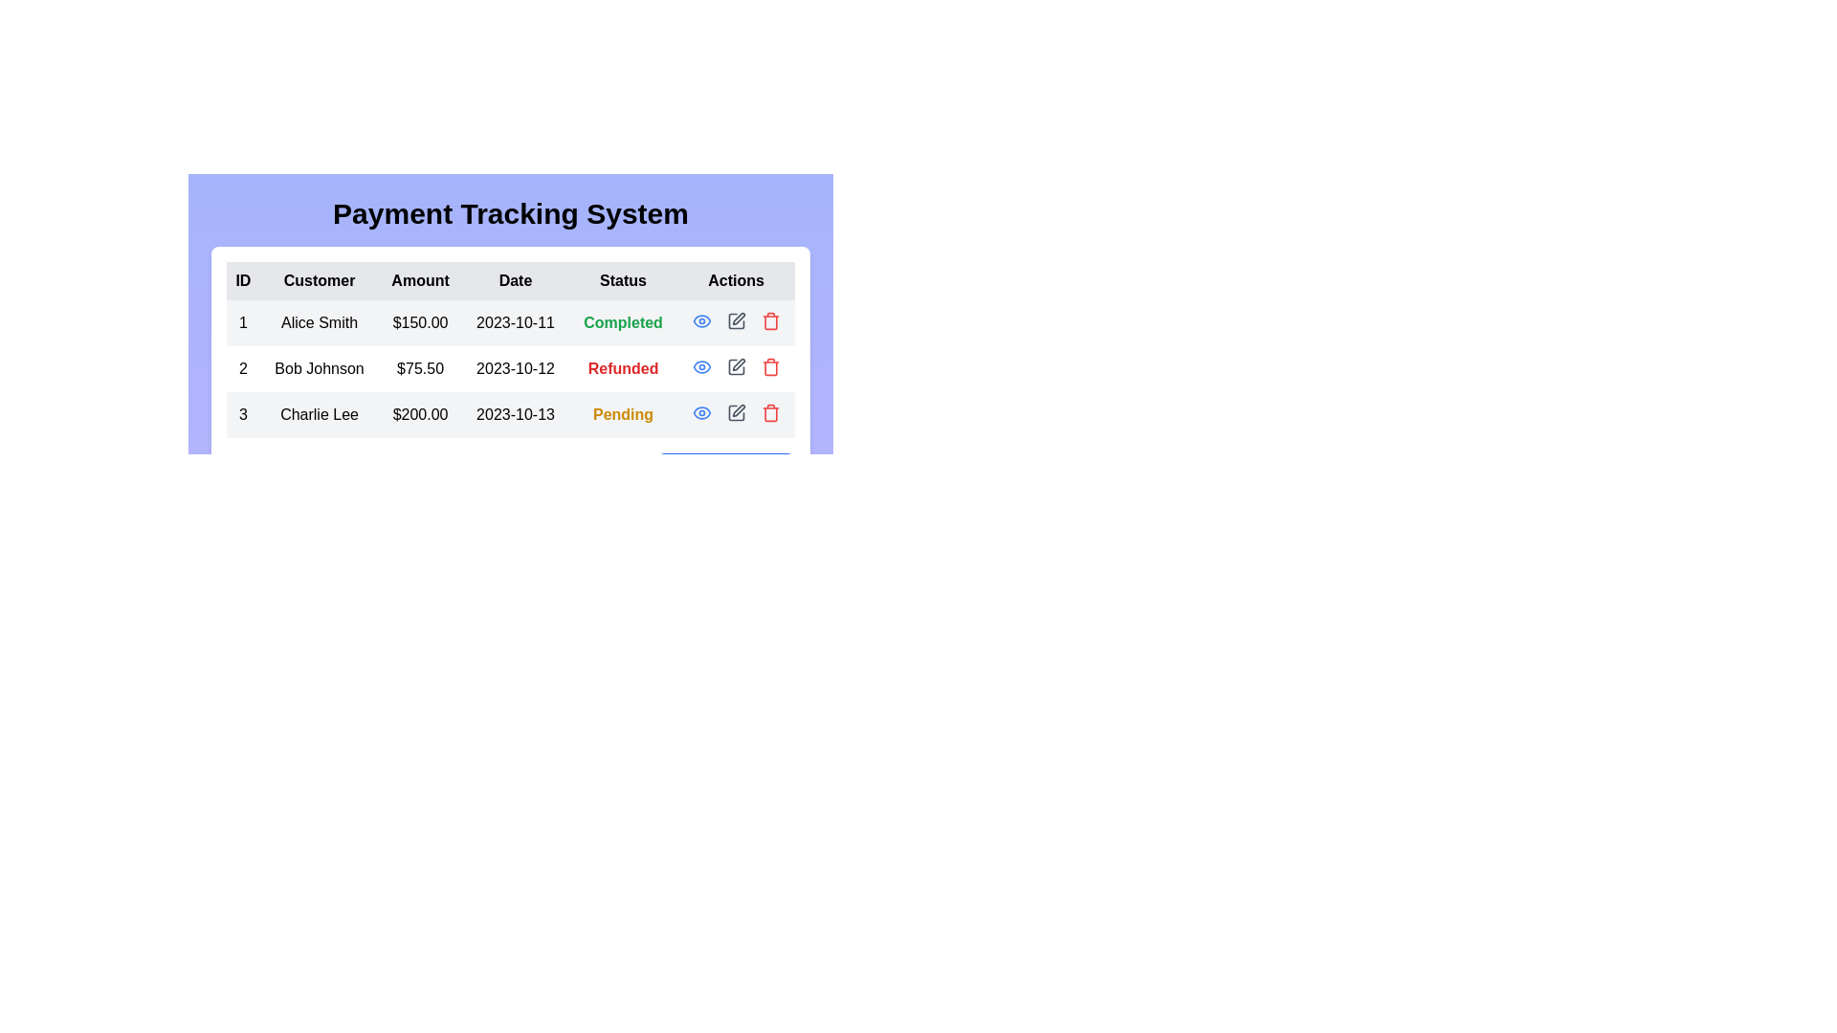 The height and width of the screenshot is (1033, 1837). Describe the element at coordinates (770, 367) in the screenshot. I see `the delete button in the Actions column associated with Bob Johnson's entry` at that location.